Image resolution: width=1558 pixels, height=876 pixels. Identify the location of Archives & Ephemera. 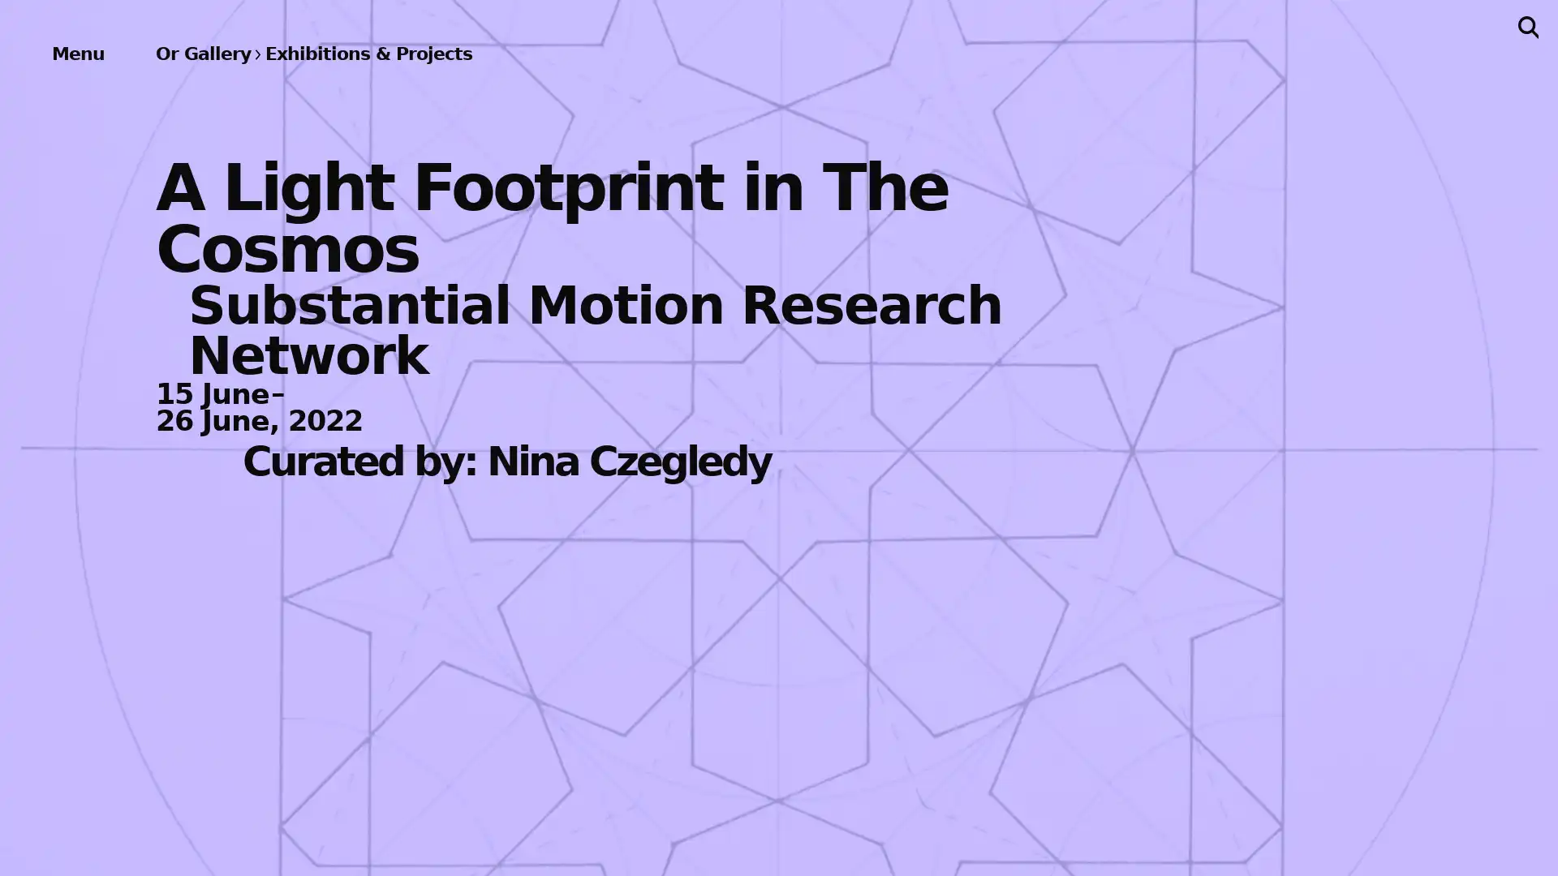
(352, 552).